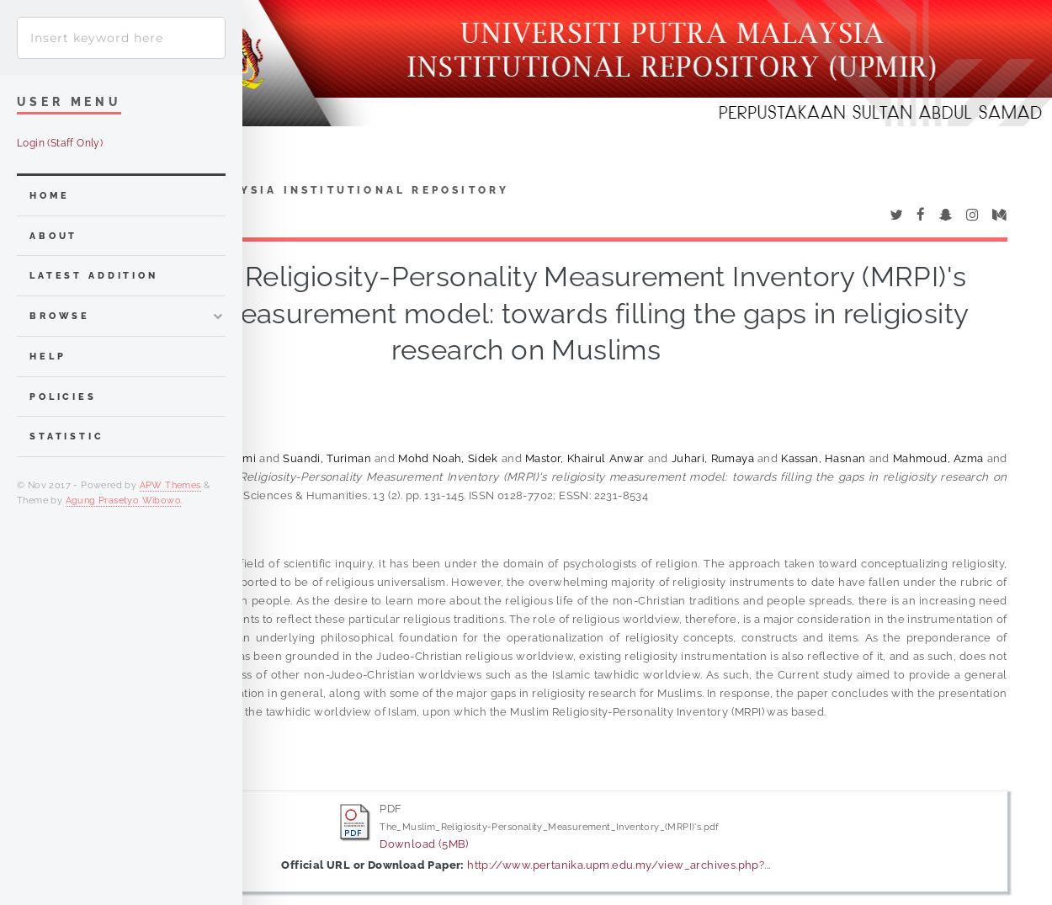 The width and height of the screenshot is (1052, 905). What do you see at coordinates (327, 457) in the screenshot?
I see `'Suandi, Turiman'` at bounding box center [327, 457].